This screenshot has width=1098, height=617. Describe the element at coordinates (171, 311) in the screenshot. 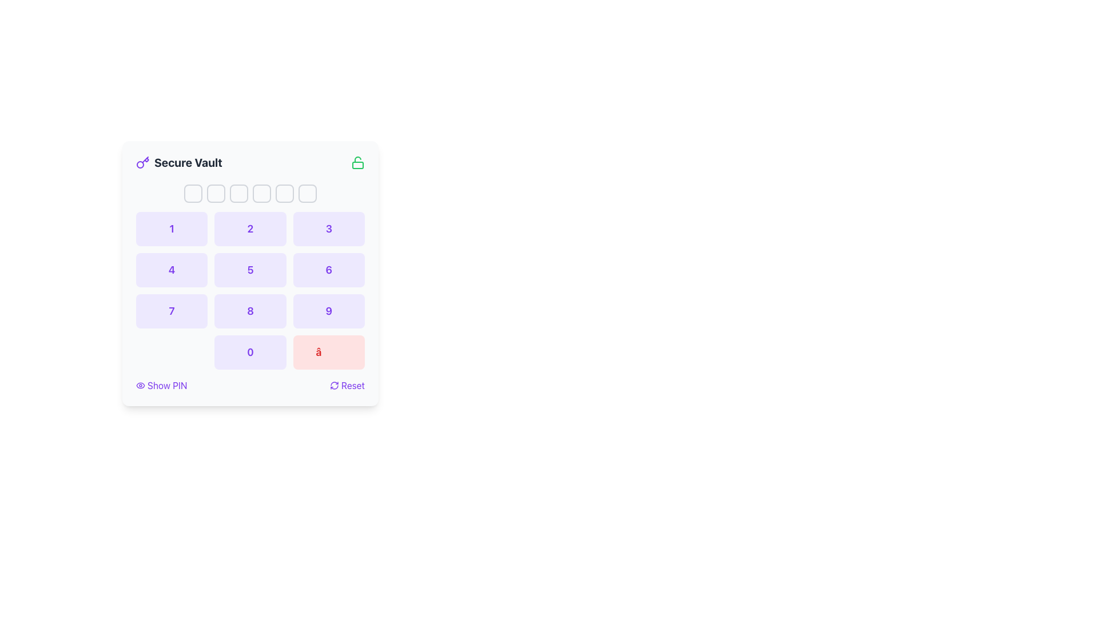

I see `the rounded square button with a violet background and white text displaying the number '7', located at the bottom-left corner of the grid` at that location.